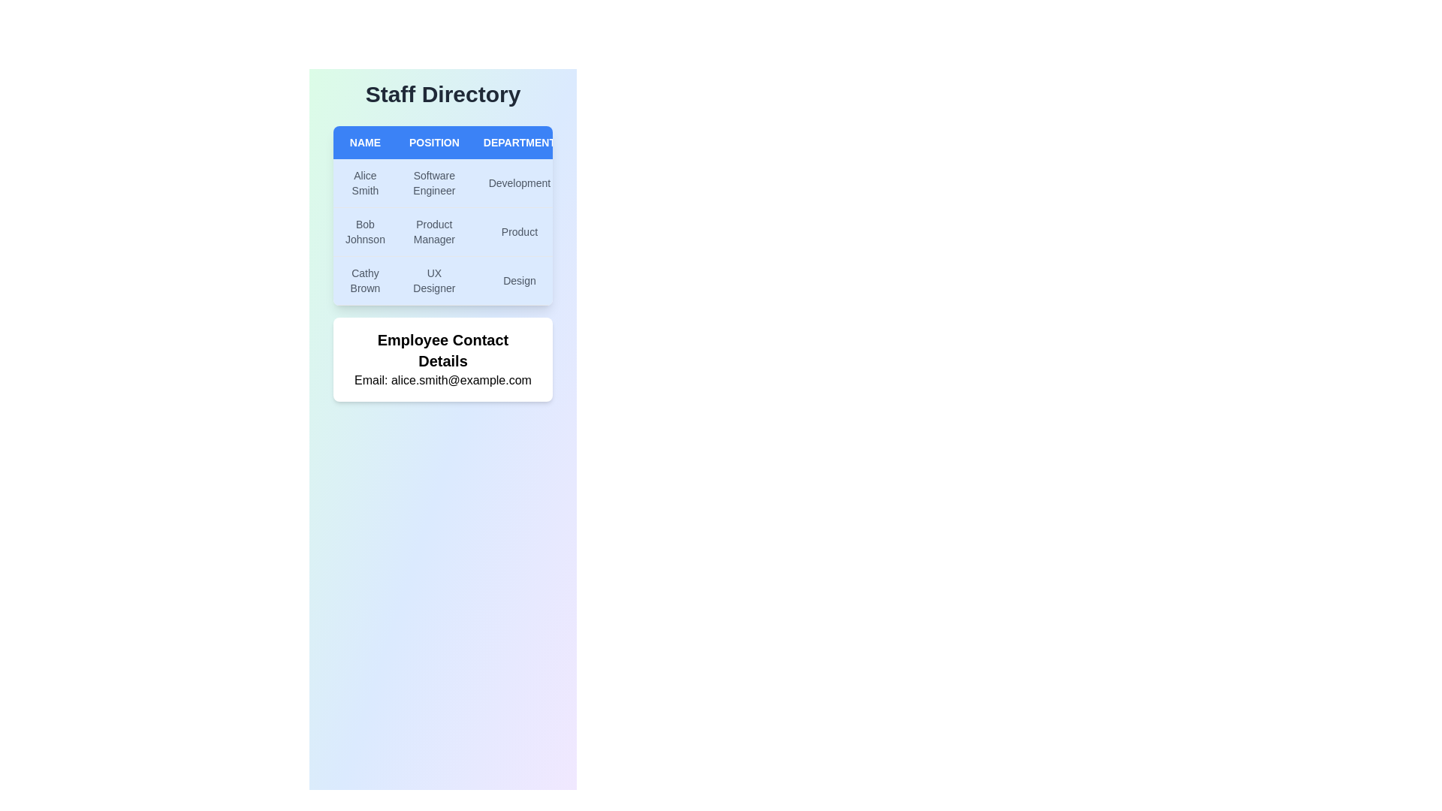 The width and height of the screenshot is (1442, 811). I want to click on the second table row displaying details about the staff member 'Bob Johnson', so click(486, 231).